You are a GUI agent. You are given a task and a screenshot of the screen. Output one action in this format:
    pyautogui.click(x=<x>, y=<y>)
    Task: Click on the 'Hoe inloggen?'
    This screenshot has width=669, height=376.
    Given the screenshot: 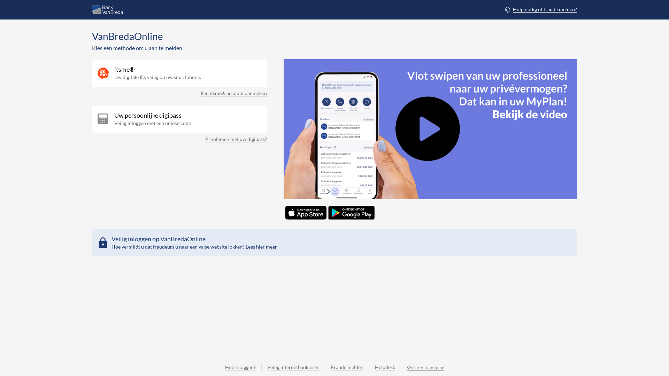 What is the action you would take?
    pyautogui.click(x=240, y=367)
    